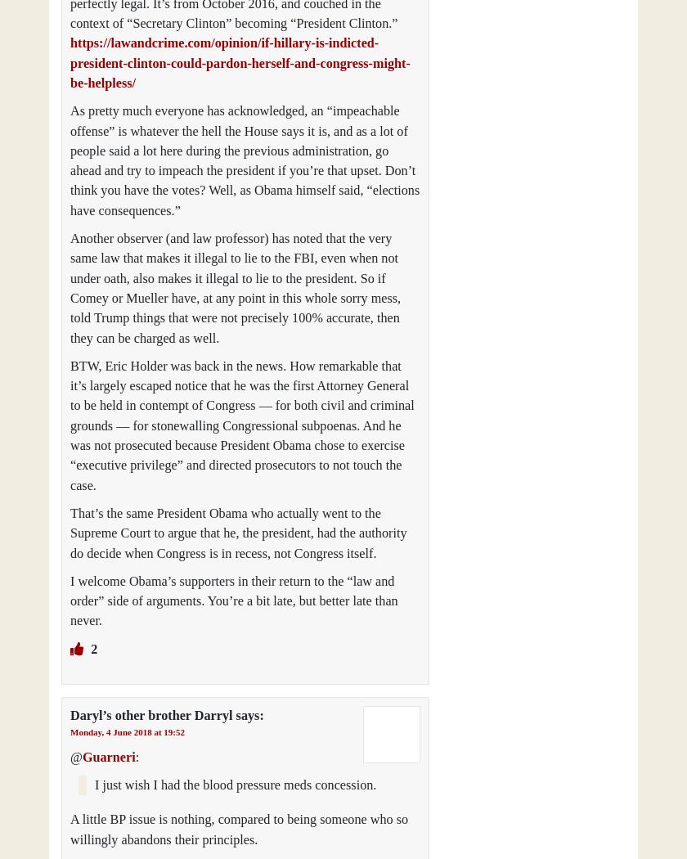 Image resolution: width=687 pixels, height=859 pixels. Describe the element at coordinates (238, 532) in the screenshot. I see `'That’s the same President Obama who actually went to the Supreme Court to argue that he, the president, had the authority do decide when Congress is in recess, not Congress itself.'` at that location.